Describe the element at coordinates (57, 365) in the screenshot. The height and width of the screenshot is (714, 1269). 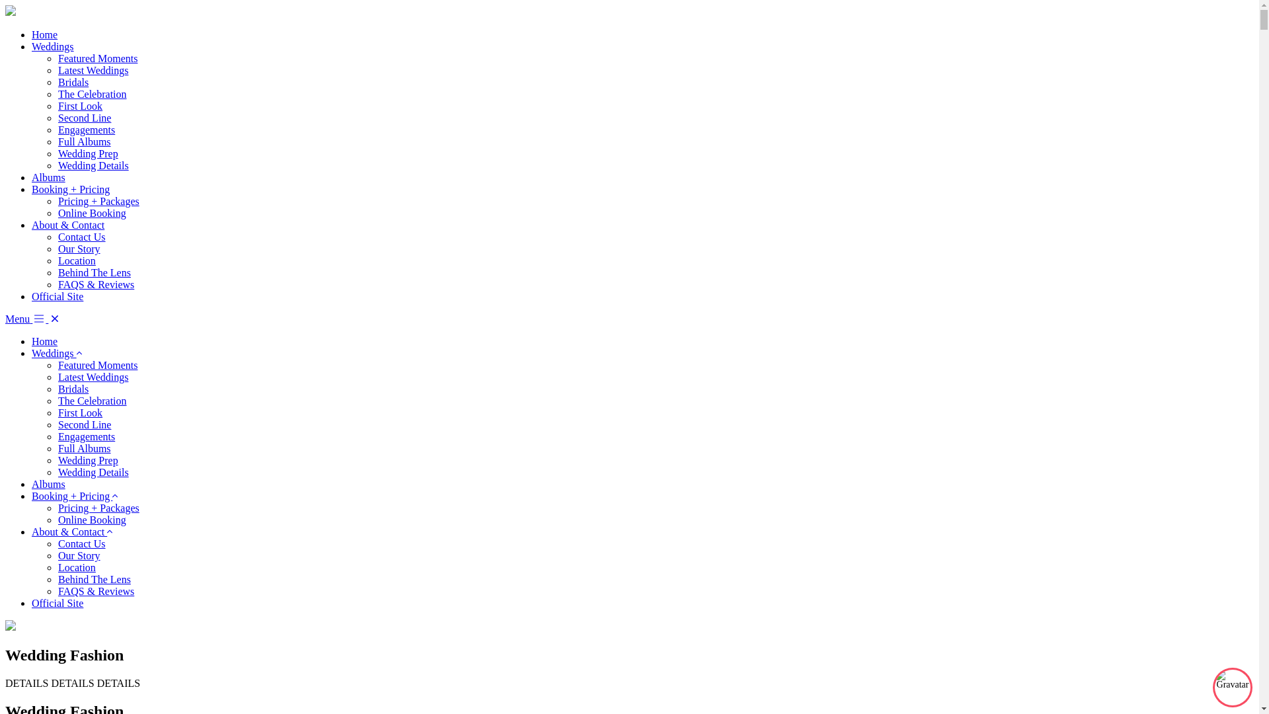
I see `'Featured Moments'` at that location.